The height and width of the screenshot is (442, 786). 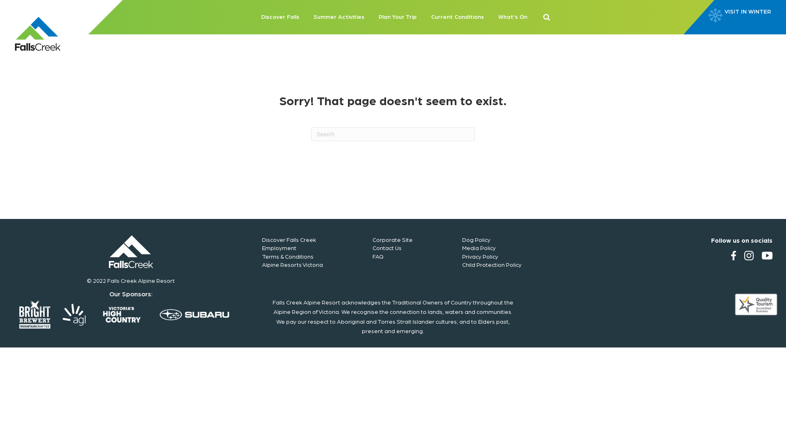 I want to click on 'Contact Us', so click(x=386, y=247).